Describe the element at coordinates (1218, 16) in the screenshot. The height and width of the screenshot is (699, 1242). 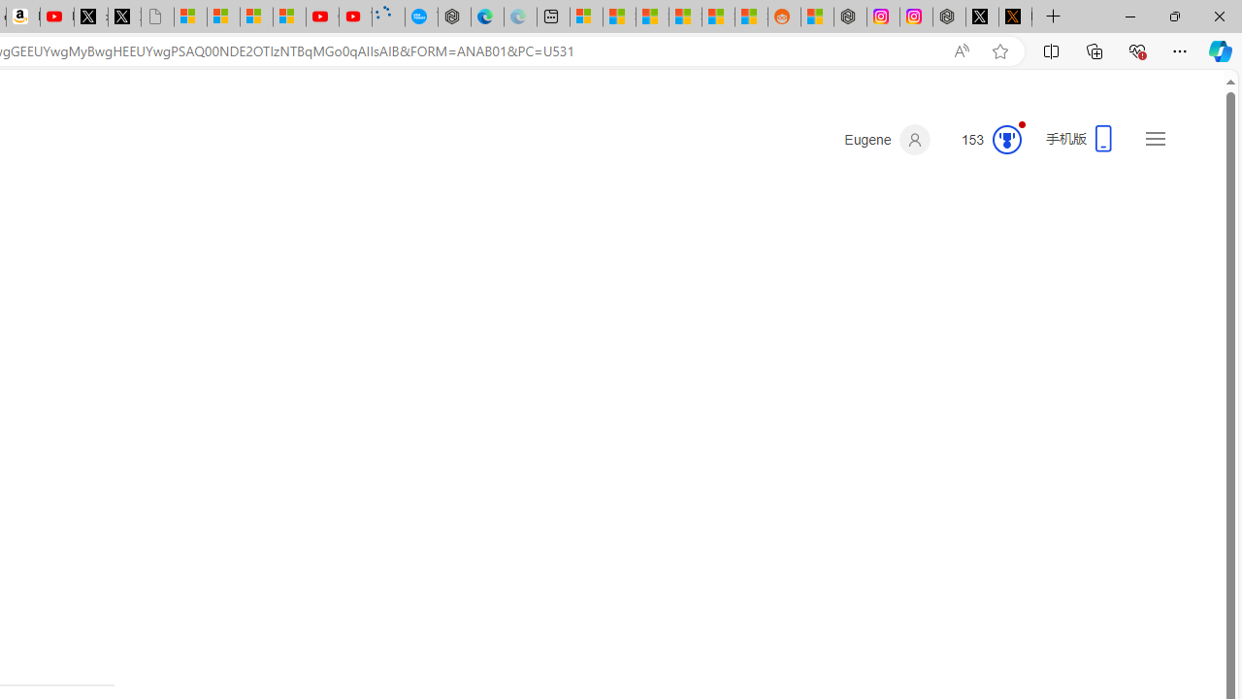
I see `'Close'` at that location.